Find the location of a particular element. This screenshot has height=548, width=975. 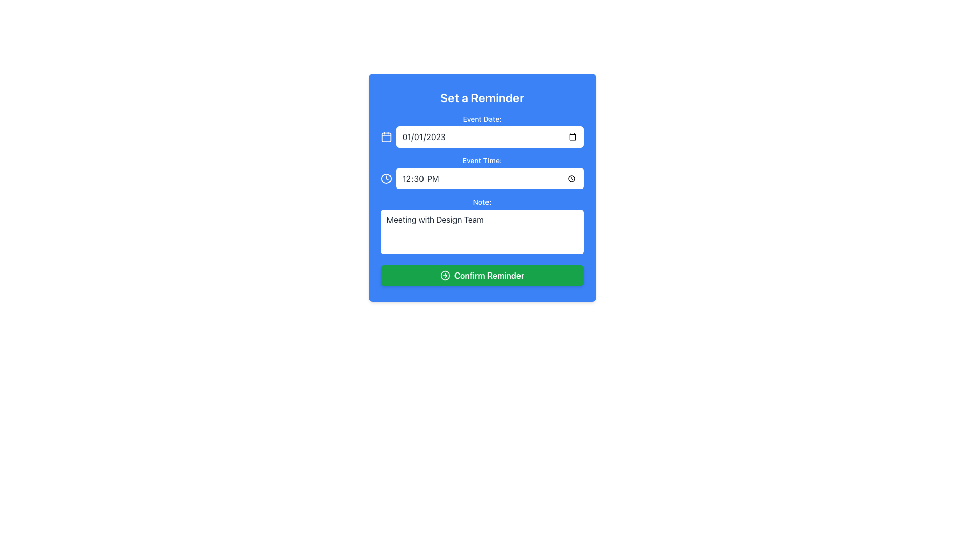

the circular clock icon, which is styled with a minimalistic line-art design, located to the left of the '12:30 PM' time text input field is located at coordinates (385, 178).